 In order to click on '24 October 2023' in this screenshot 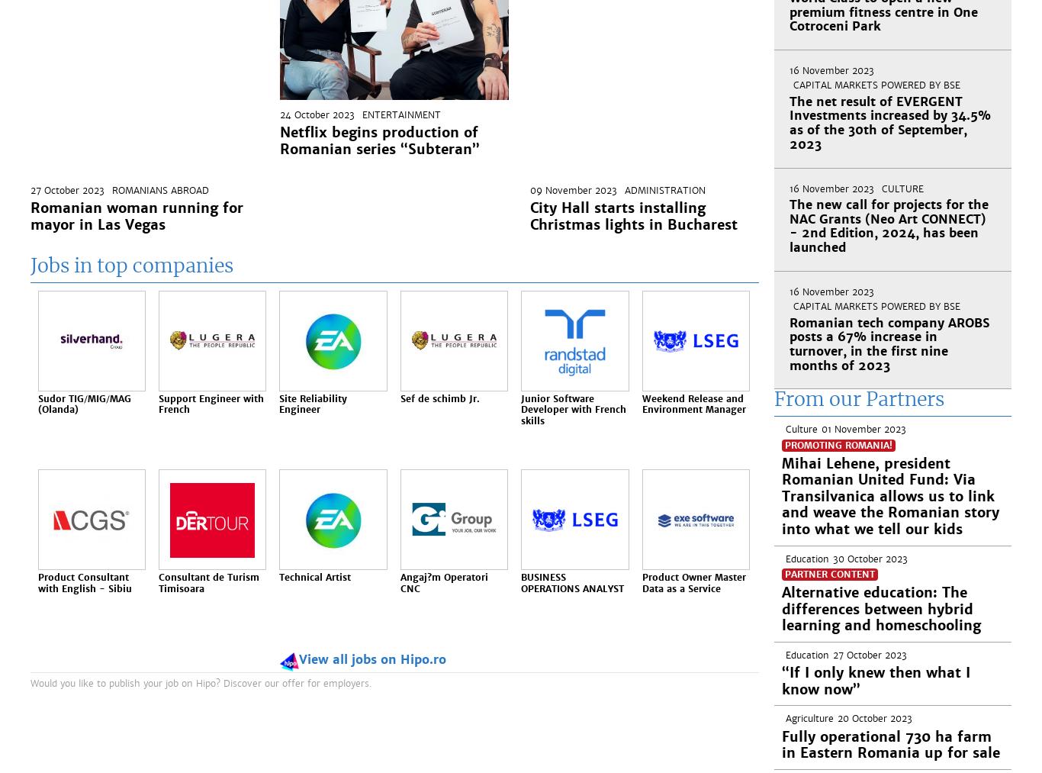, I will do `click(279, 114)`.